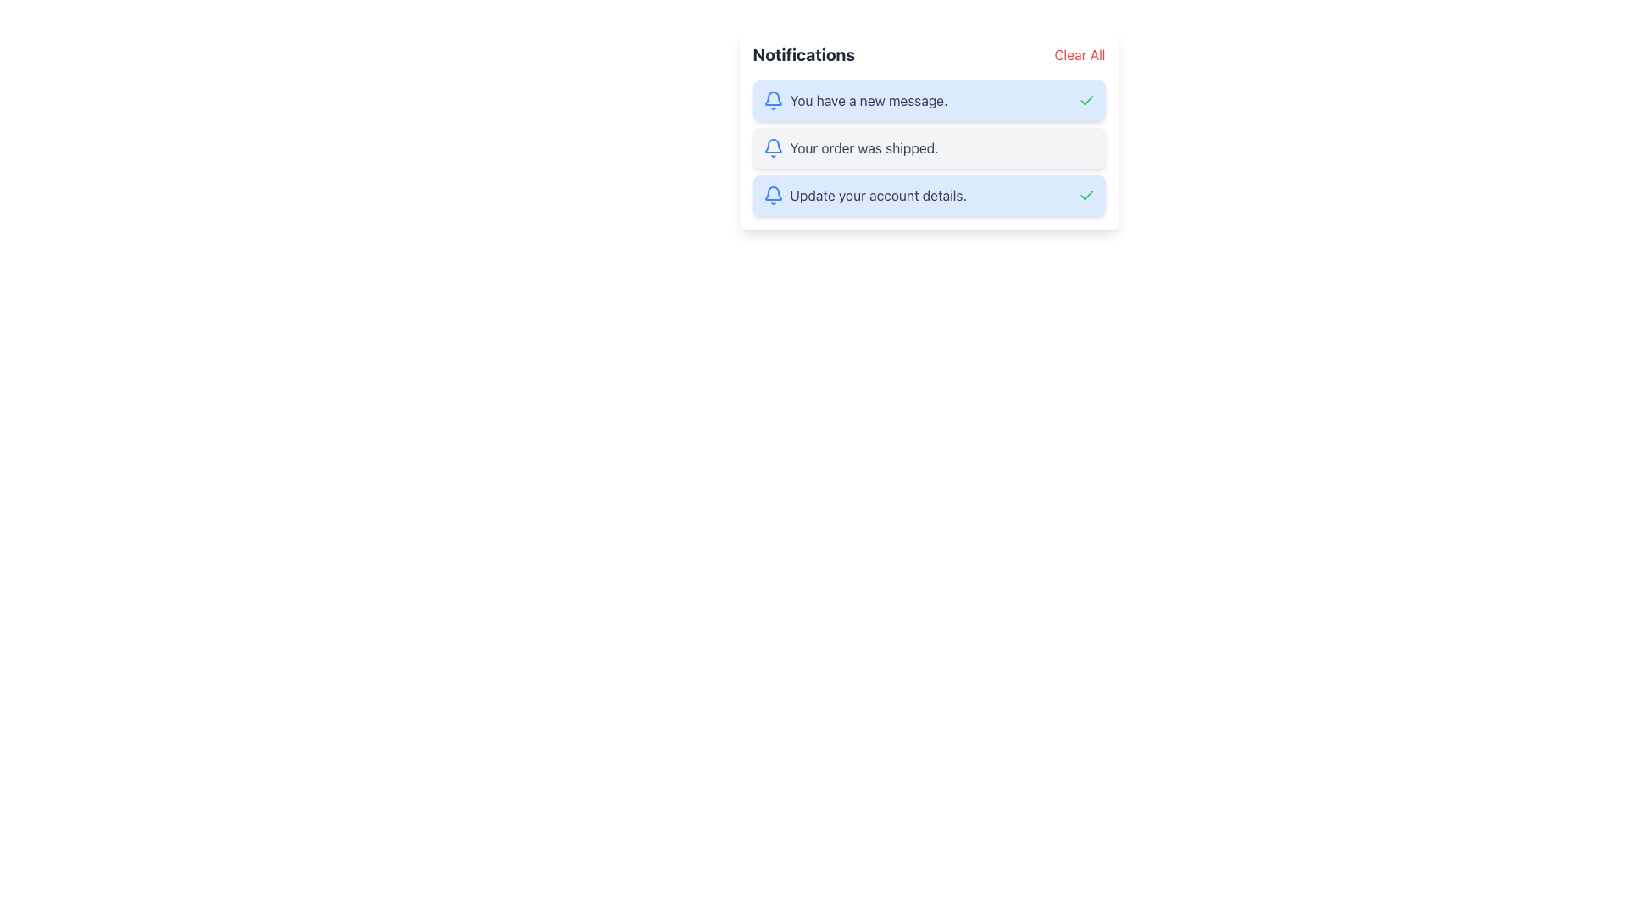 This screenshot has width=1627, height=915. What do you see at coordinates (772, 101) in the screenshot?
I see `the blue bell-shaped icon located to the left of the text 'You have a new message.' within the first notification item` at bounding box center [772, 101].